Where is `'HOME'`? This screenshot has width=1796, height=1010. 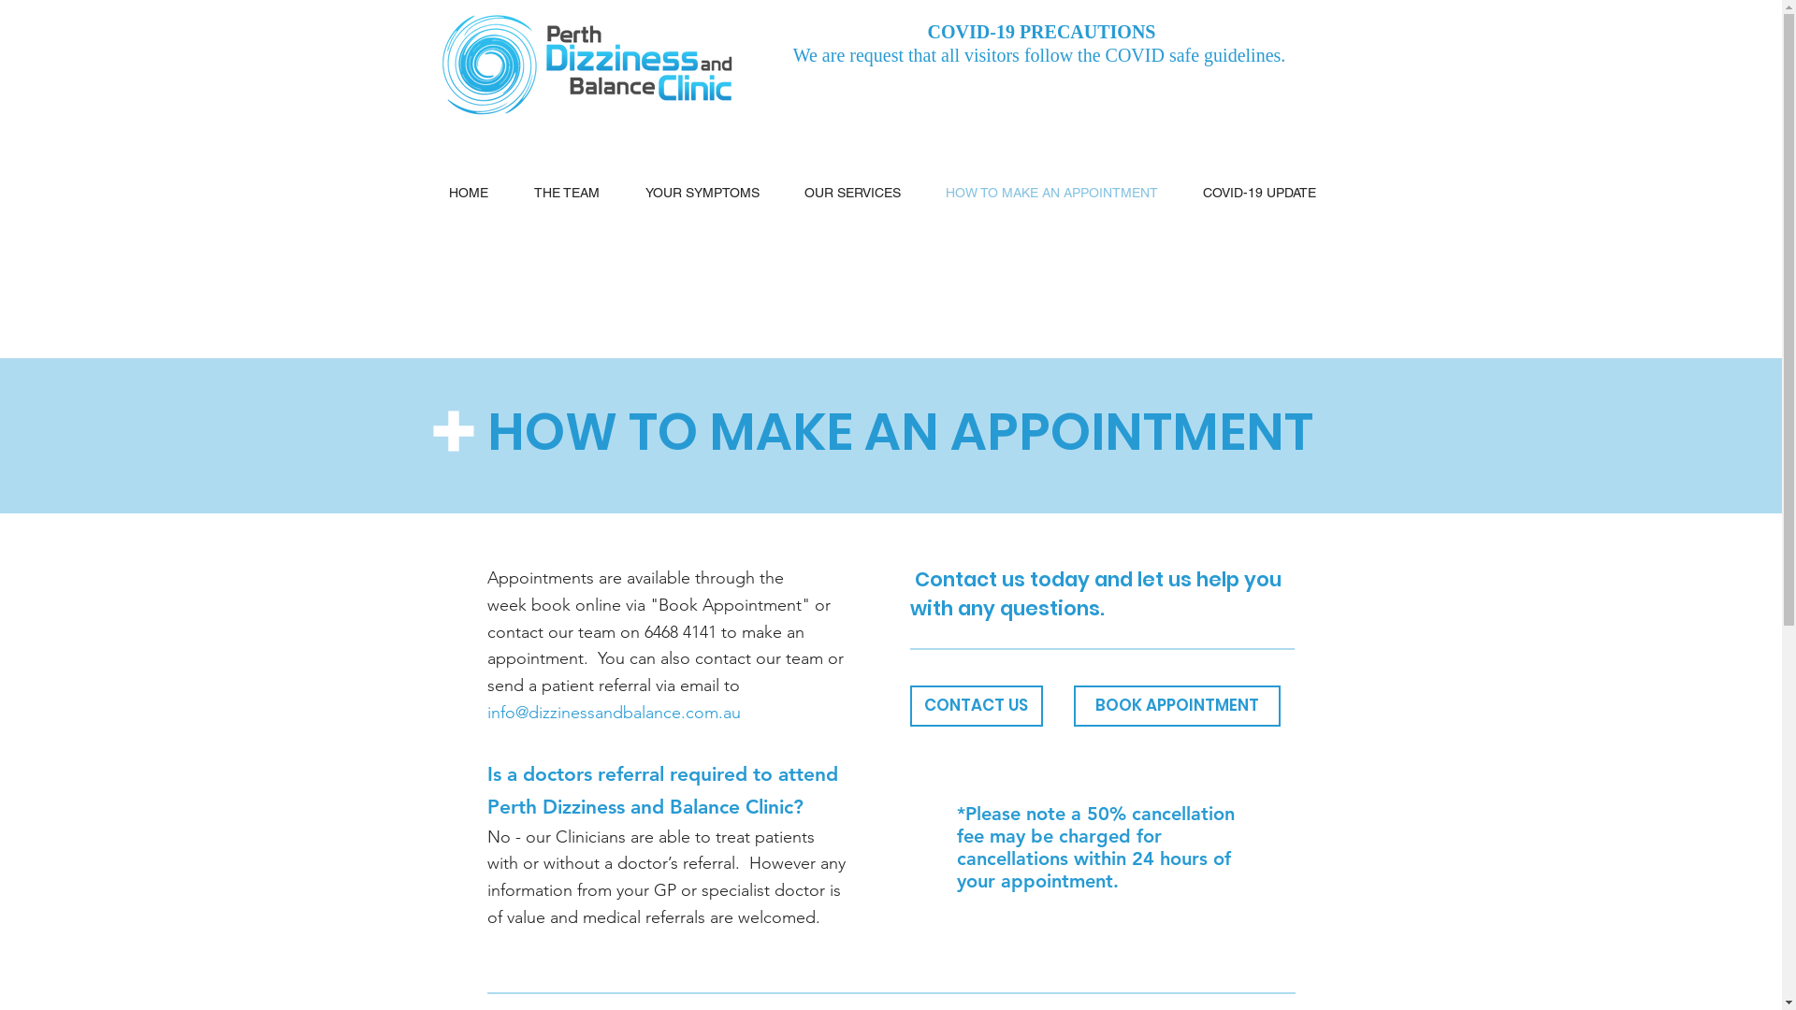
'HOME' is located at coordinates (476, 192).